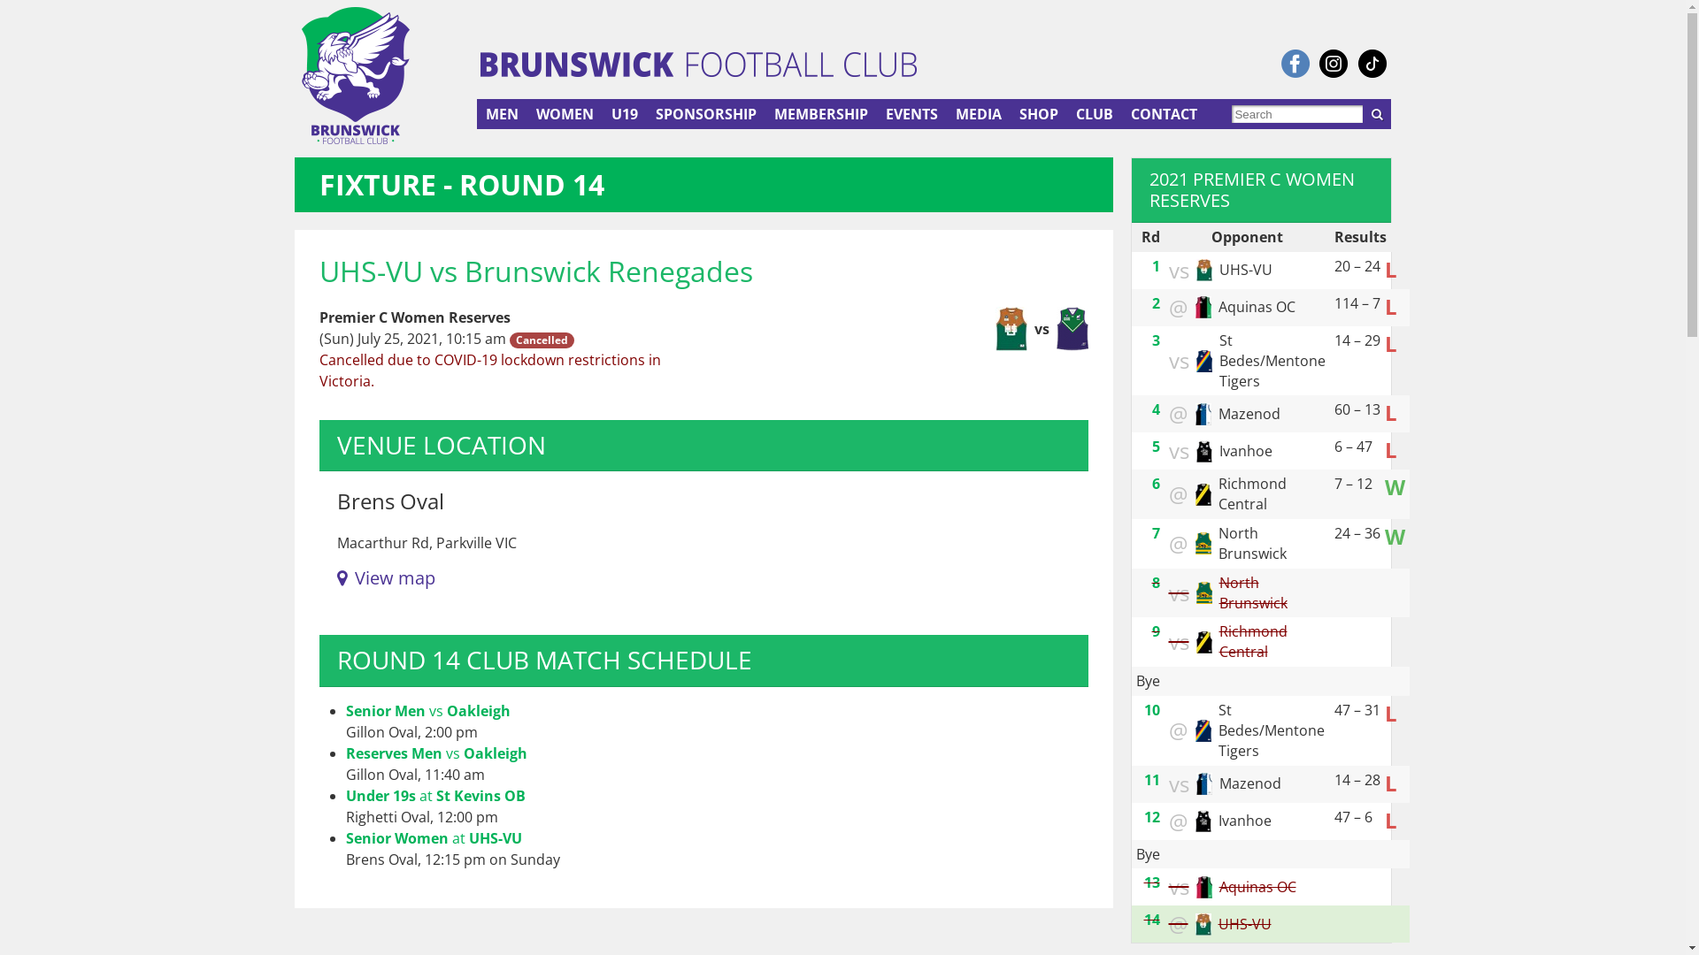  Describe the element at coordinates (1194, 306) in the screenshot. I see `'Aquinas OC'` at that location.